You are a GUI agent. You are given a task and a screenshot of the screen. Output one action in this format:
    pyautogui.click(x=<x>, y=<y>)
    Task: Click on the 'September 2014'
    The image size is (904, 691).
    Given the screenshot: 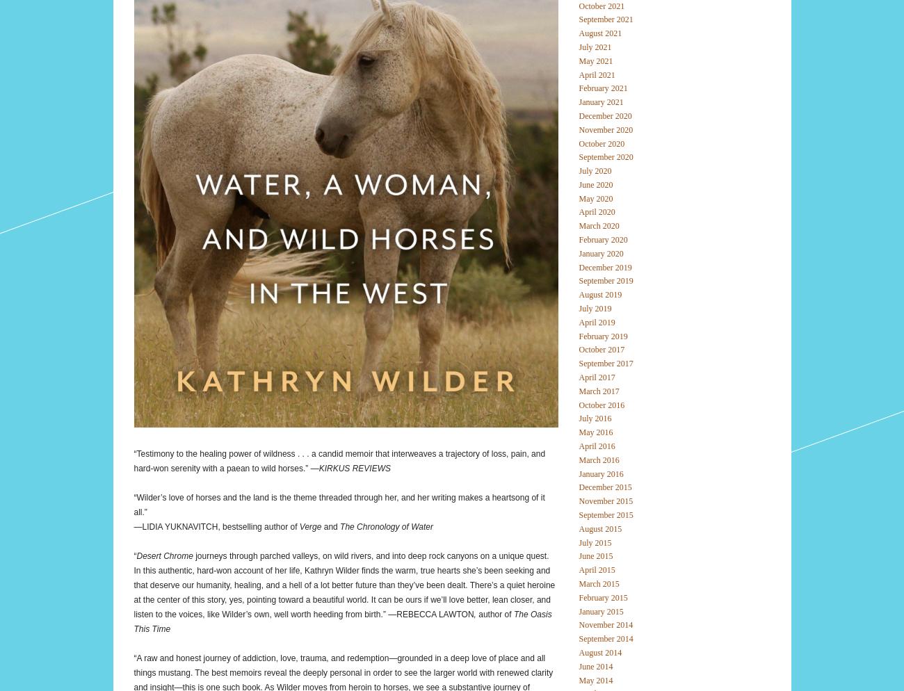 What is the action you would take?
    pyautogui.click(x=605, y=637)
    